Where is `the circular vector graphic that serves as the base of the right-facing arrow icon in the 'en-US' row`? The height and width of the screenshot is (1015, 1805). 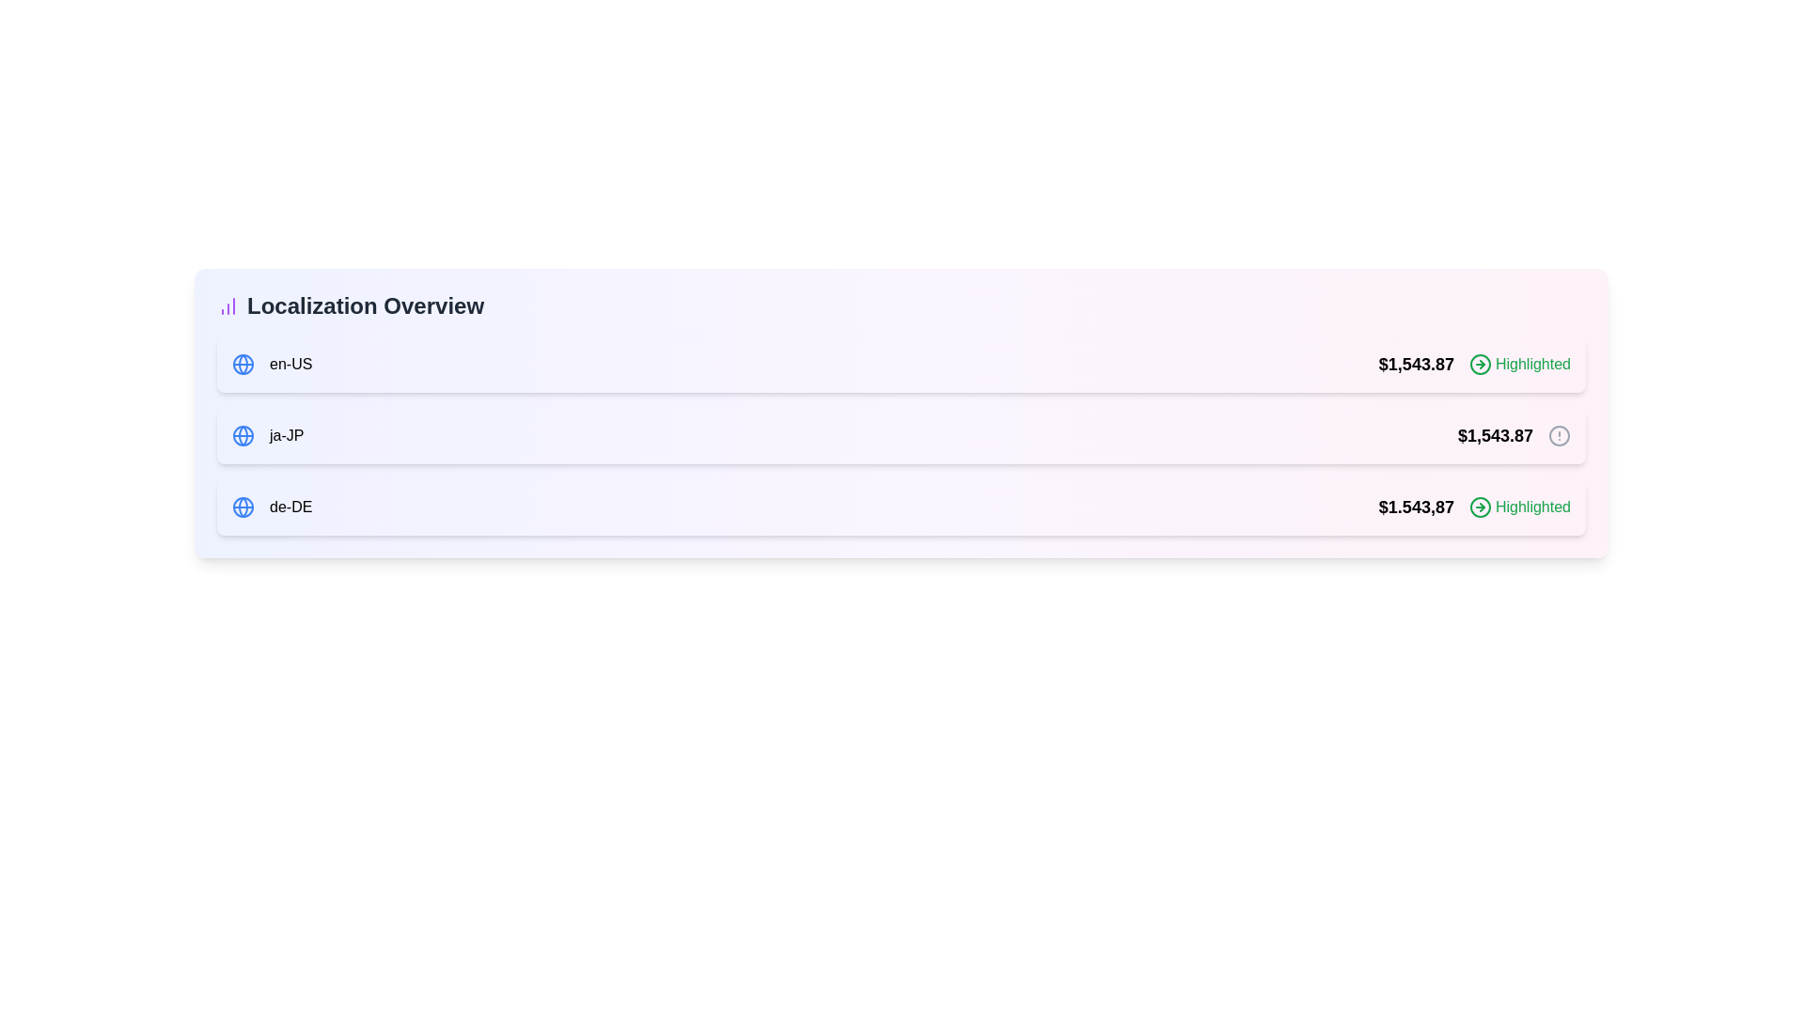 the circular vector graphic that serves as the base of the right-facing arrow icon in the 'en-US' row is located at coordinates (1479, 365).